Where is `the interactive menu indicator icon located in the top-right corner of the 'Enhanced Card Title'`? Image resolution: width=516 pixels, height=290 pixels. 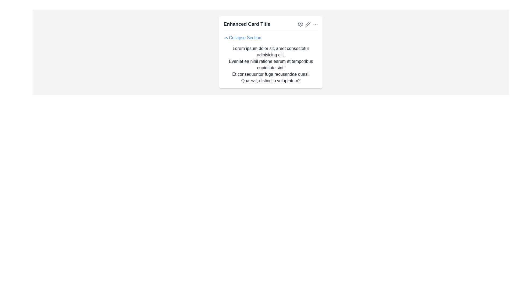
the interactive menu indicator icon located in the top-right corner of the 'Enhanced Card Title' is located at coordinates (316, 24).